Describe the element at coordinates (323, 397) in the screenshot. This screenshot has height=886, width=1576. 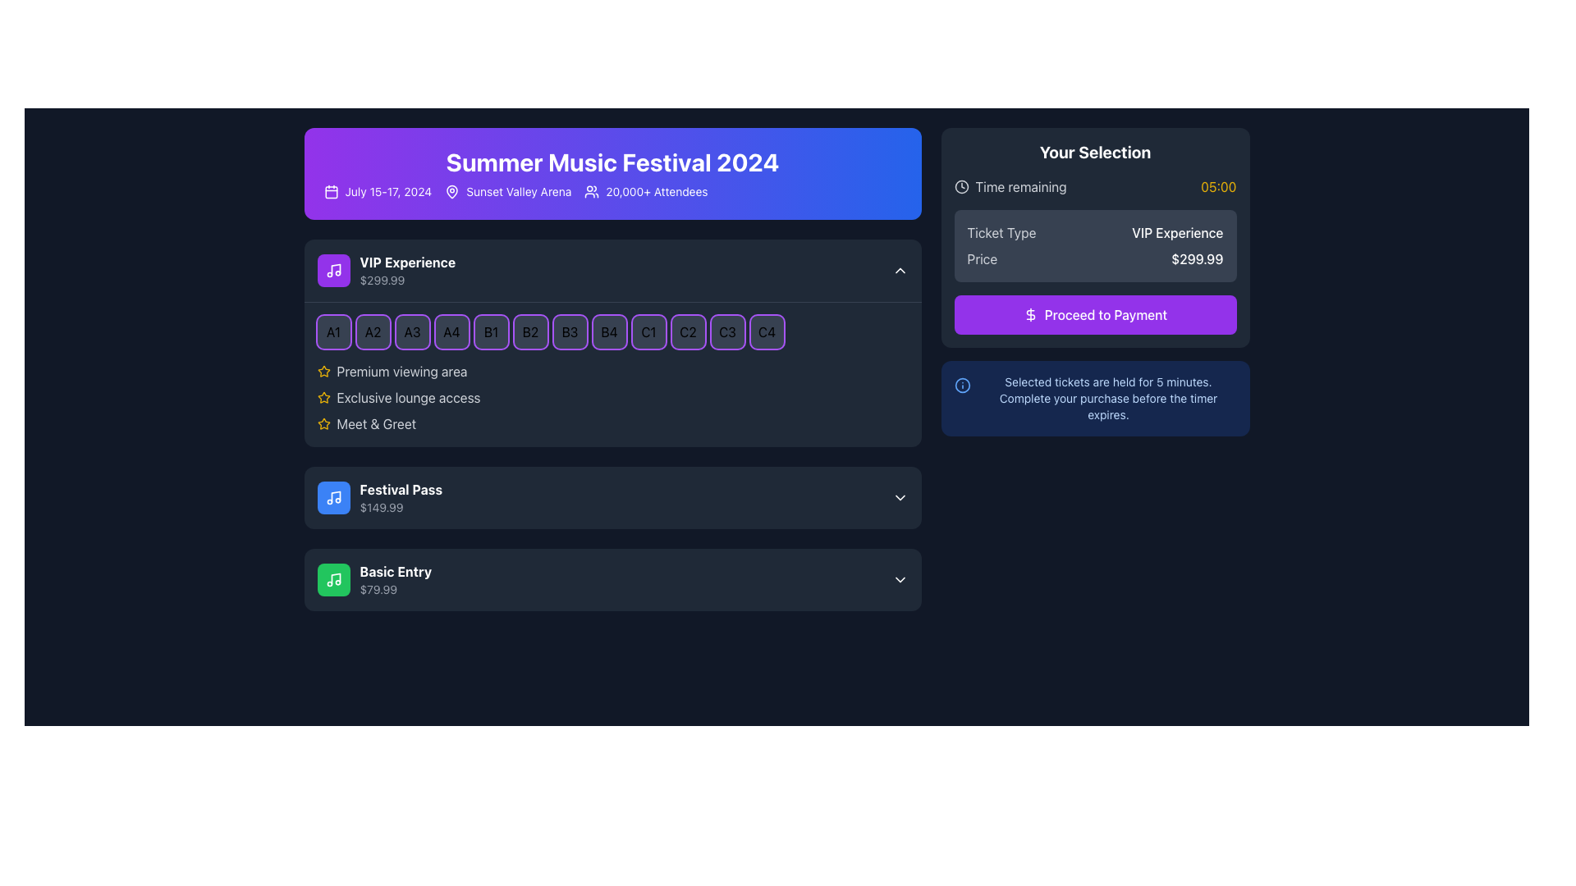
I see `the yellow star-shaped icon that represents VIP or premium features, located below the 'VIP Experience' section header and to the left of the 'Premium viewing area' label` at that location.